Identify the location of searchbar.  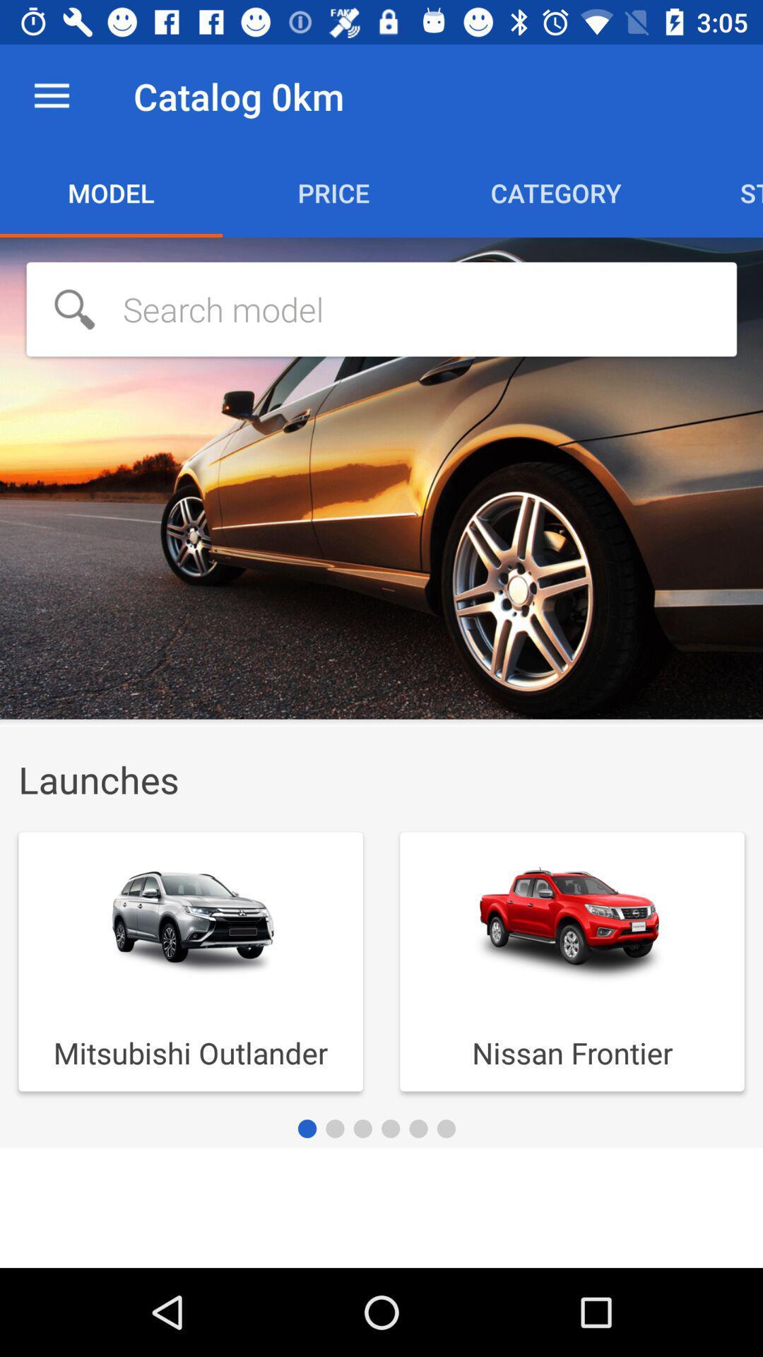
(381, 308).